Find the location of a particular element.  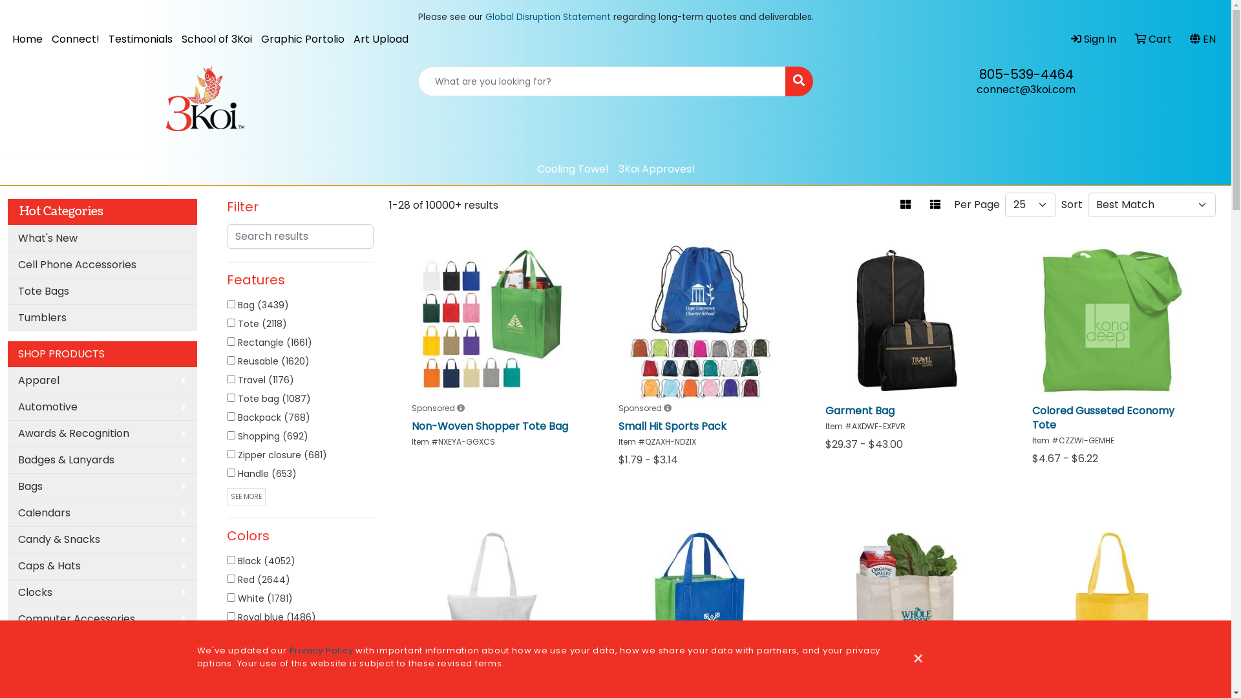

'Desk Items' is located at coordinates (101, 645).